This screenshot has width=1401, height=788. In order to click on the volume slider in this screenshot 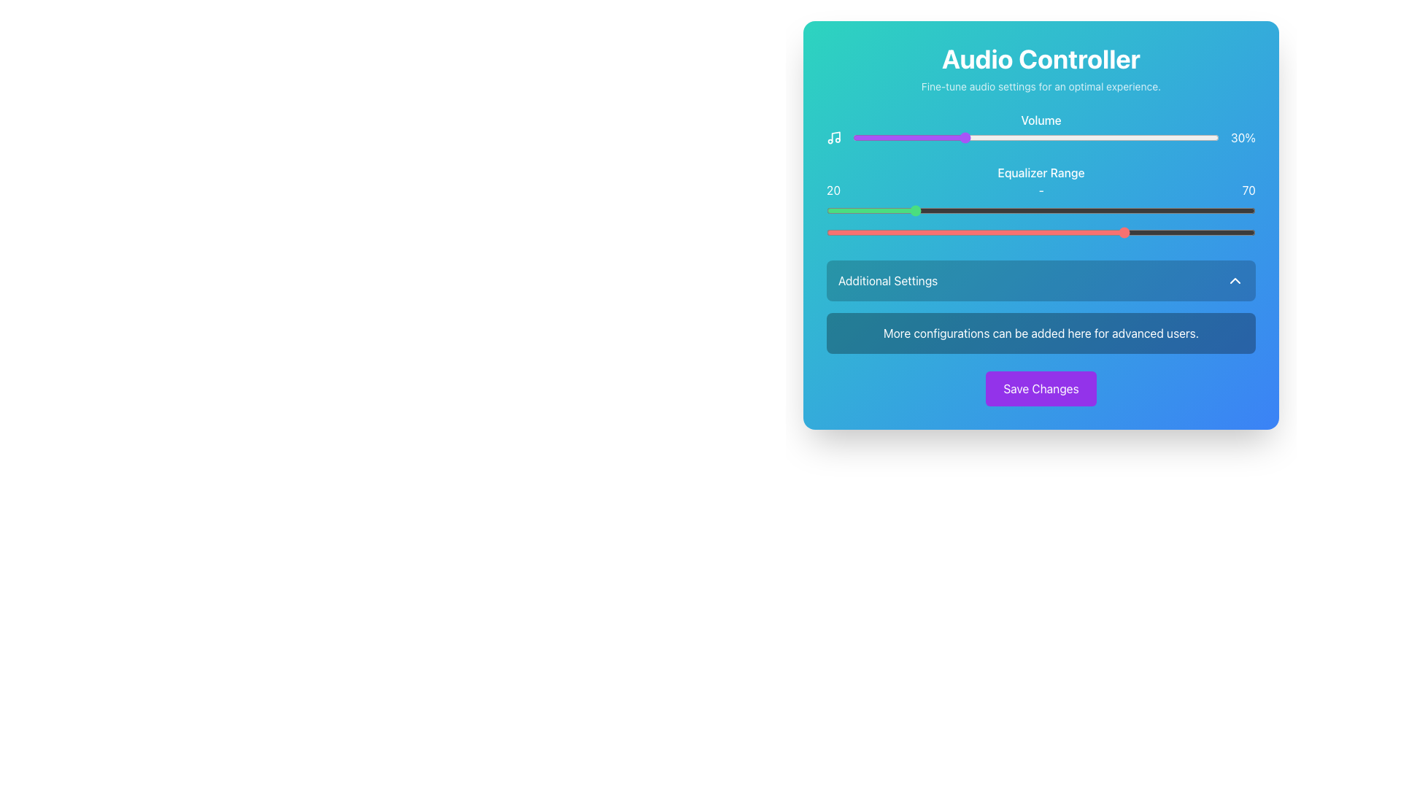, I will do `click(1112, 138)`.